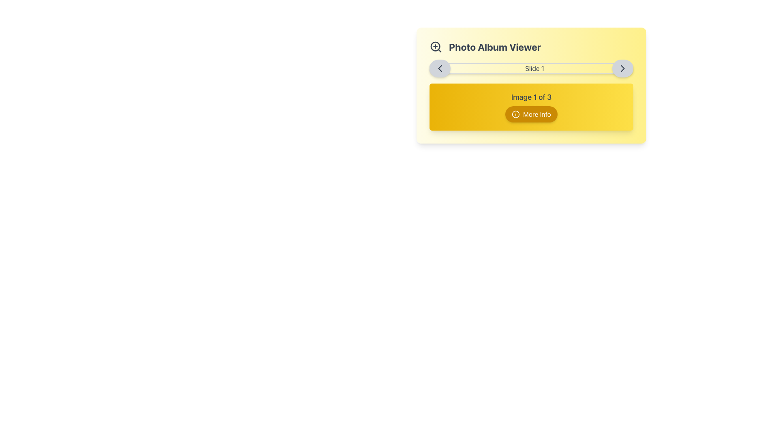  What do you see at coordinates (622, 68) in the screenshot?
I see `the rightward chevron icon located in the top-right corner of the 'Photo Album Viewer' interface` at bounding box center [622, 68].